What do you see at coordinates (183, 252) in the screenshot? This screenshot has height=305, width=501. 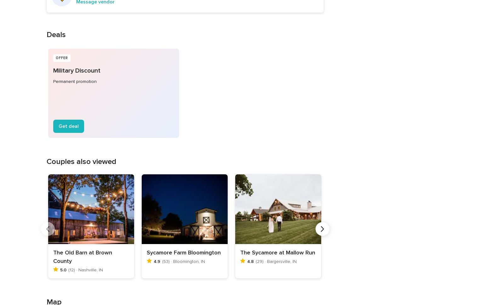 I see `'Sycamore Farm Bloomington'` at bounding box center [183, 252].